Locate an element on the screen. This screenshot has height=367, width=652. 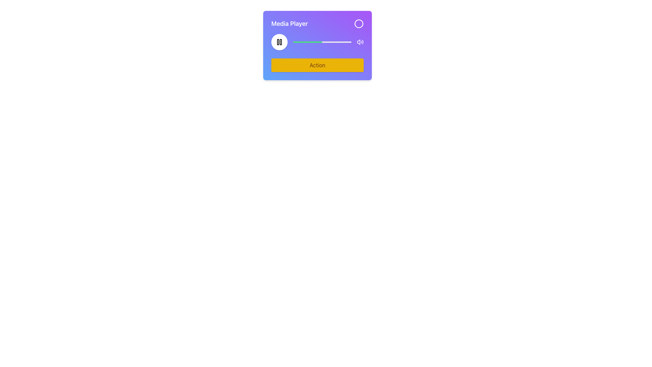
the icon located on the far right side of the media player header, adjacent to the text 'Media Player' is located at coordinates (358, 23).